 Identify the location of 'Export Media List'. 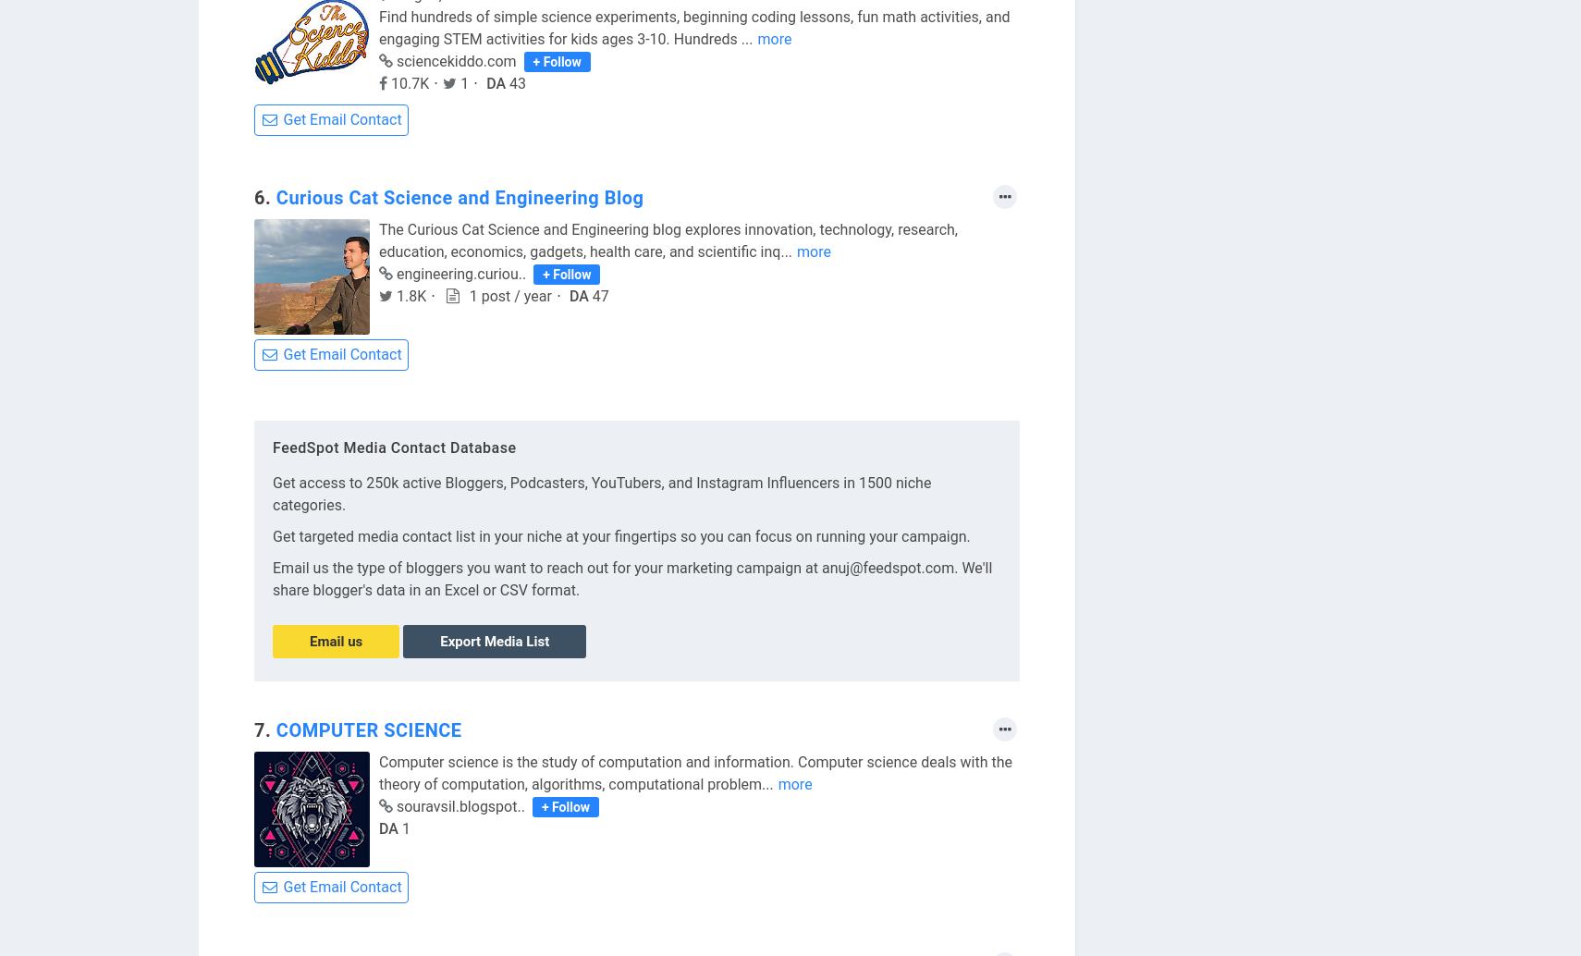
(440, 640).